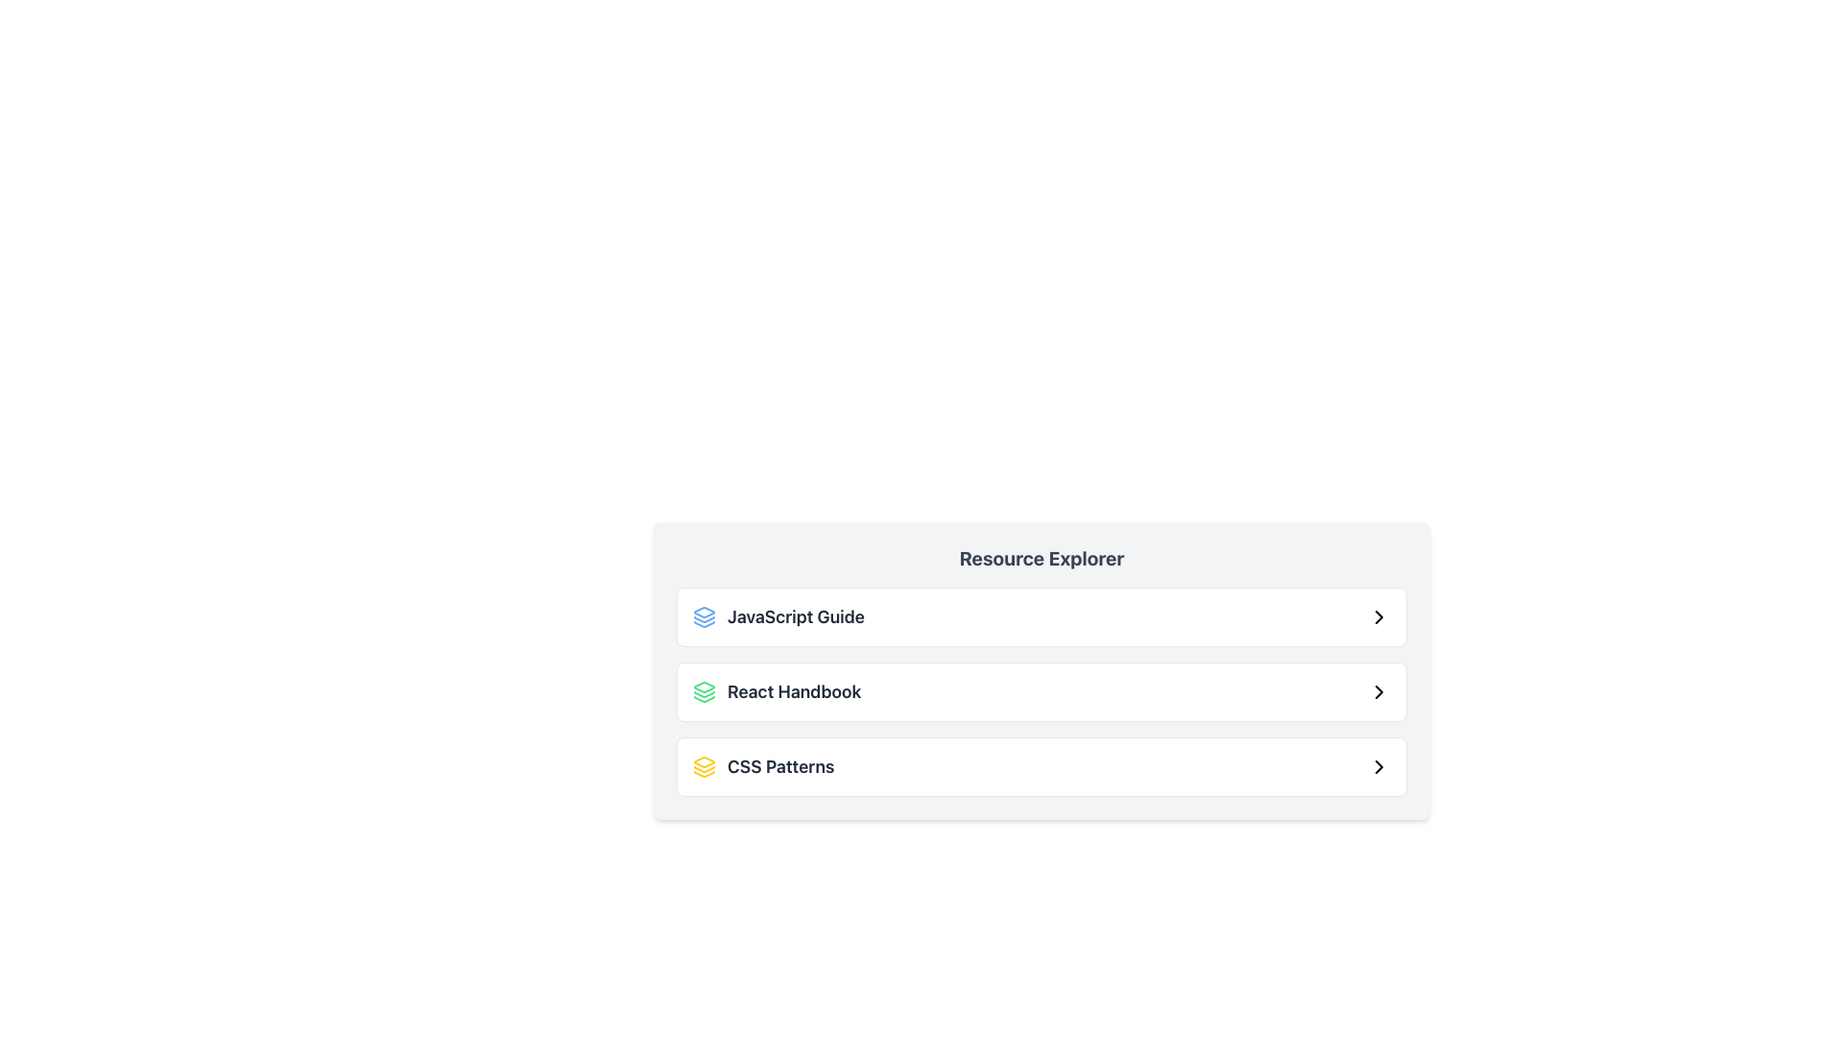 This screenshot has width=1843, height=1037. Describe the element at coordinates (704, 692) in the screenshot. I see `the stacked three-layer icon with a green outline located to the left of the 'React Handbook' text in the resource menu` at that location.